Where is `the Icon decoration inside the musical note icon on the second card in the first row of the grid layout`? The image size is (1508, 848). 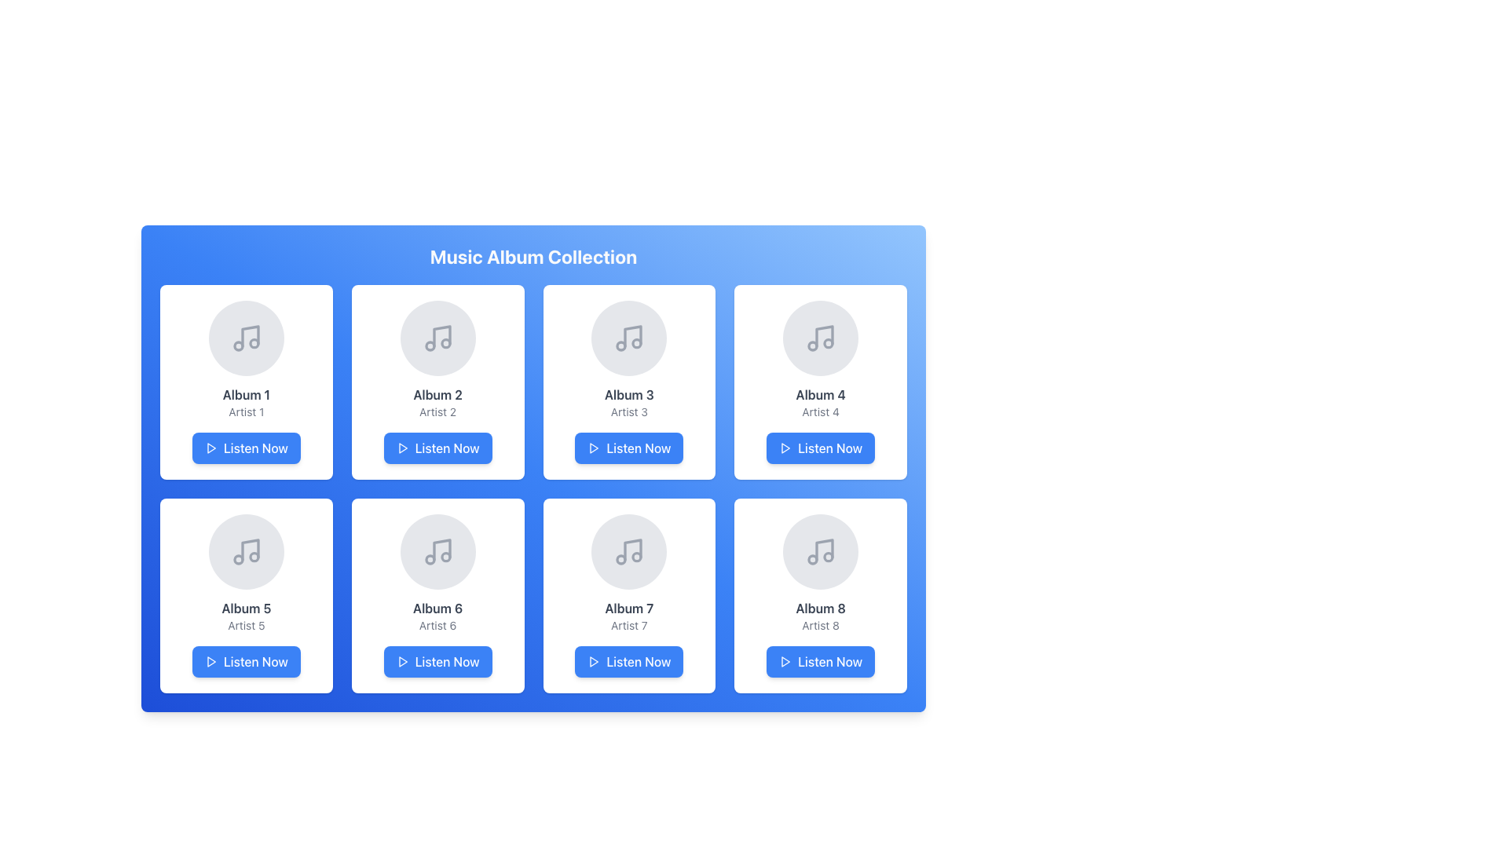
the Icon decoration inside the musical note icon on the second card in the first row of the grid layout is located at coordinates (430, 345).